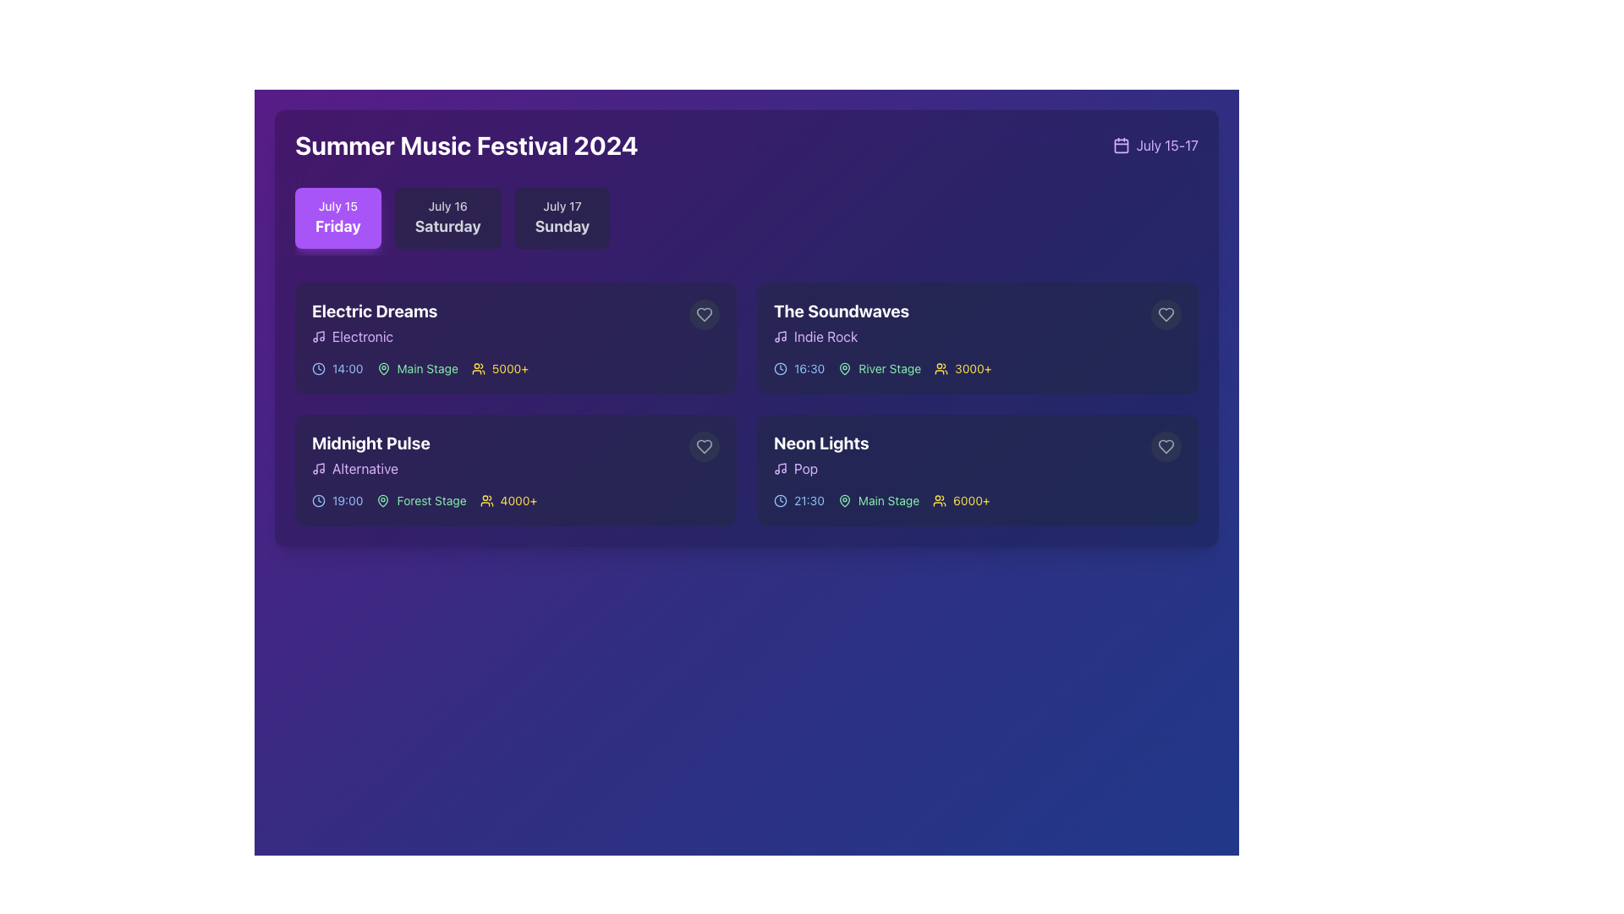  What do you see at coordinates (319, 336) in the screenshot?
I see `the musical note icon in the 'Electronic' label, which is positioned to the left of the label text and aligned vertically within the group` at bounding box center [319, 336].